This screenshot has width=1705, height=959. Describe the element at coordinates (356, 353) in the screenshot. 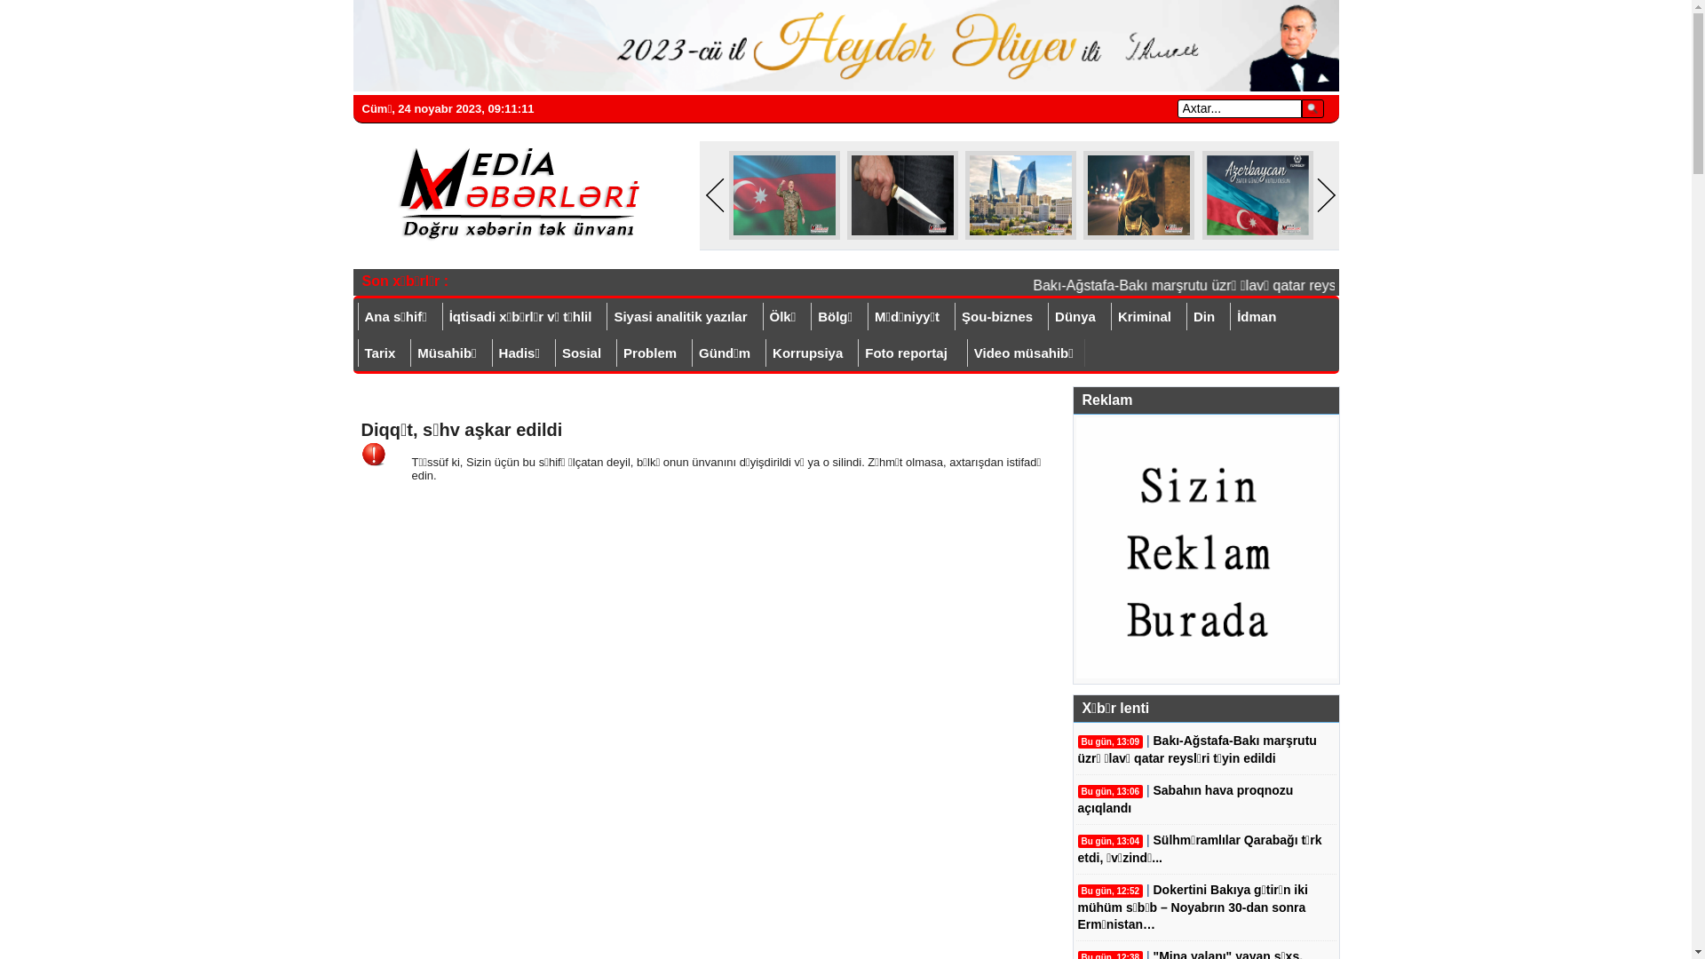

I see `'Tarix'` at that location.